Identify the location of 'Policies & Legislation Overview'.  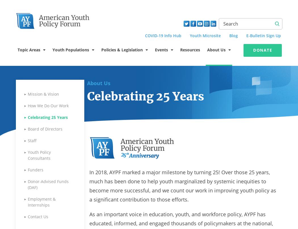
(126, 69).